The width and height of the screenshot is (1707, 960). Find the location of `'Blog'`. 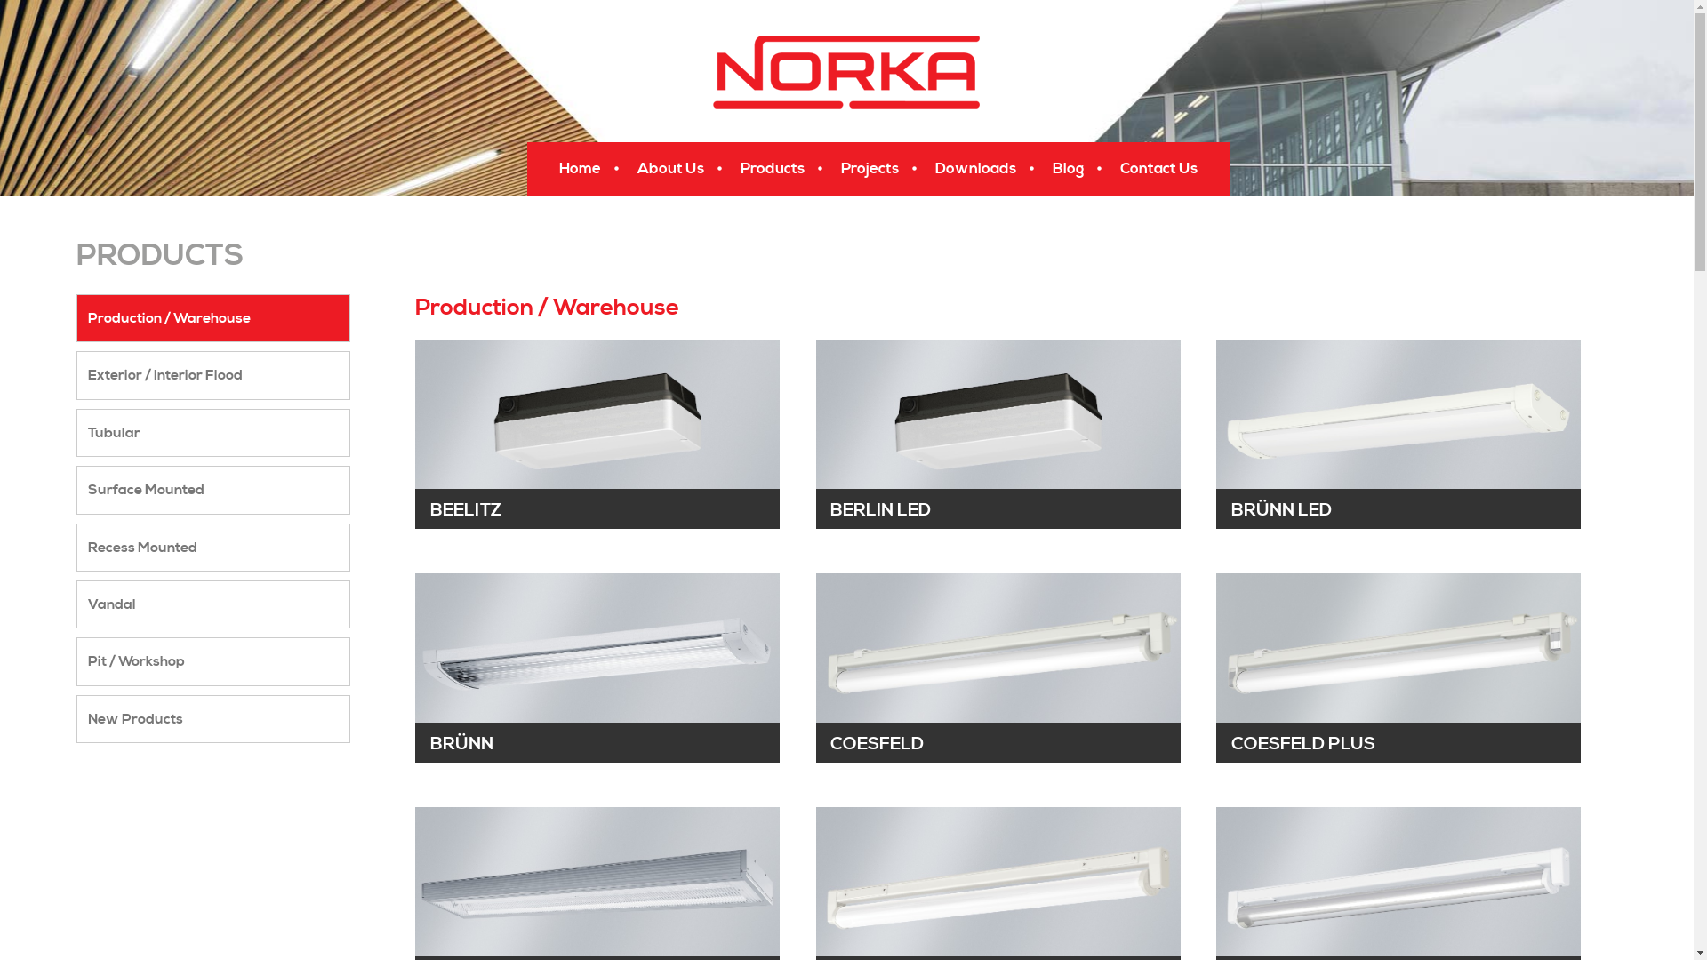

'Blog' is located at coordinates (1038, 168).